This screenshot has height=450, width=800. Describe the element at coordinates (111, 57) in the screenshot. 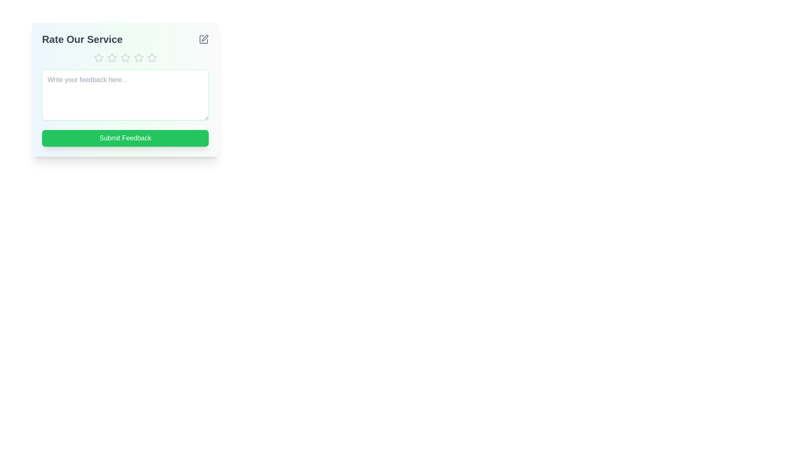

I see `the rating to 2 stars by clicking the corresponding star button` at that location.